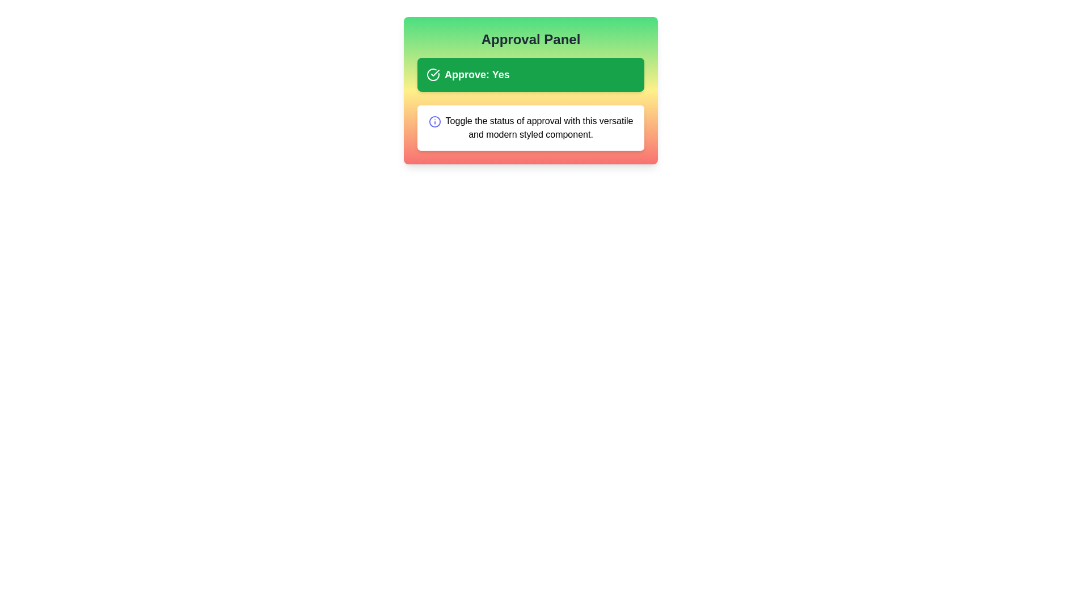 The height and width of the screenshot is (612, 1089). Describe the element at coordinates (434, 121) in the screenshot. I see `the informational icon to display additional information` at that location.